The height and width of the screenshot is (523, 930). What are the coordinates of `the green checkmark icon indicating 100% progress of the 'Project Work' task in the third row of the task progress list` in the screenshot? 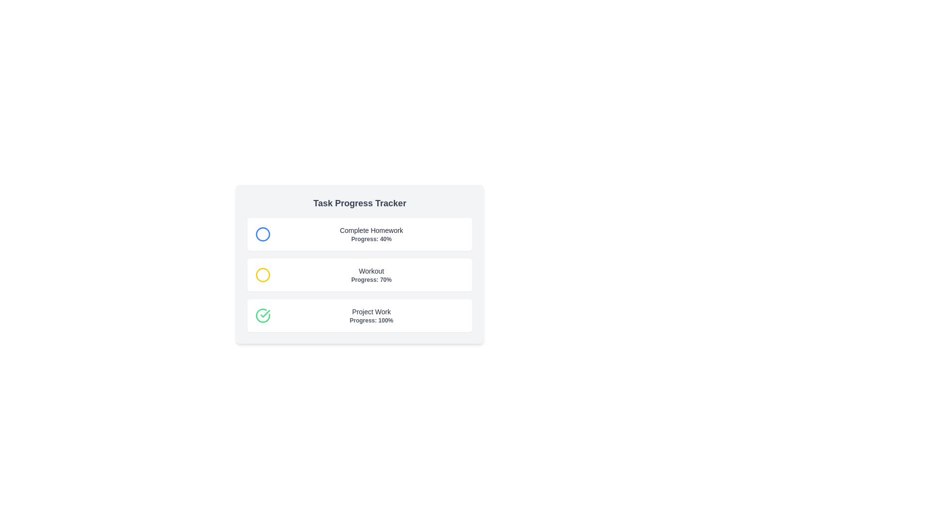 It's located at (265, 314).